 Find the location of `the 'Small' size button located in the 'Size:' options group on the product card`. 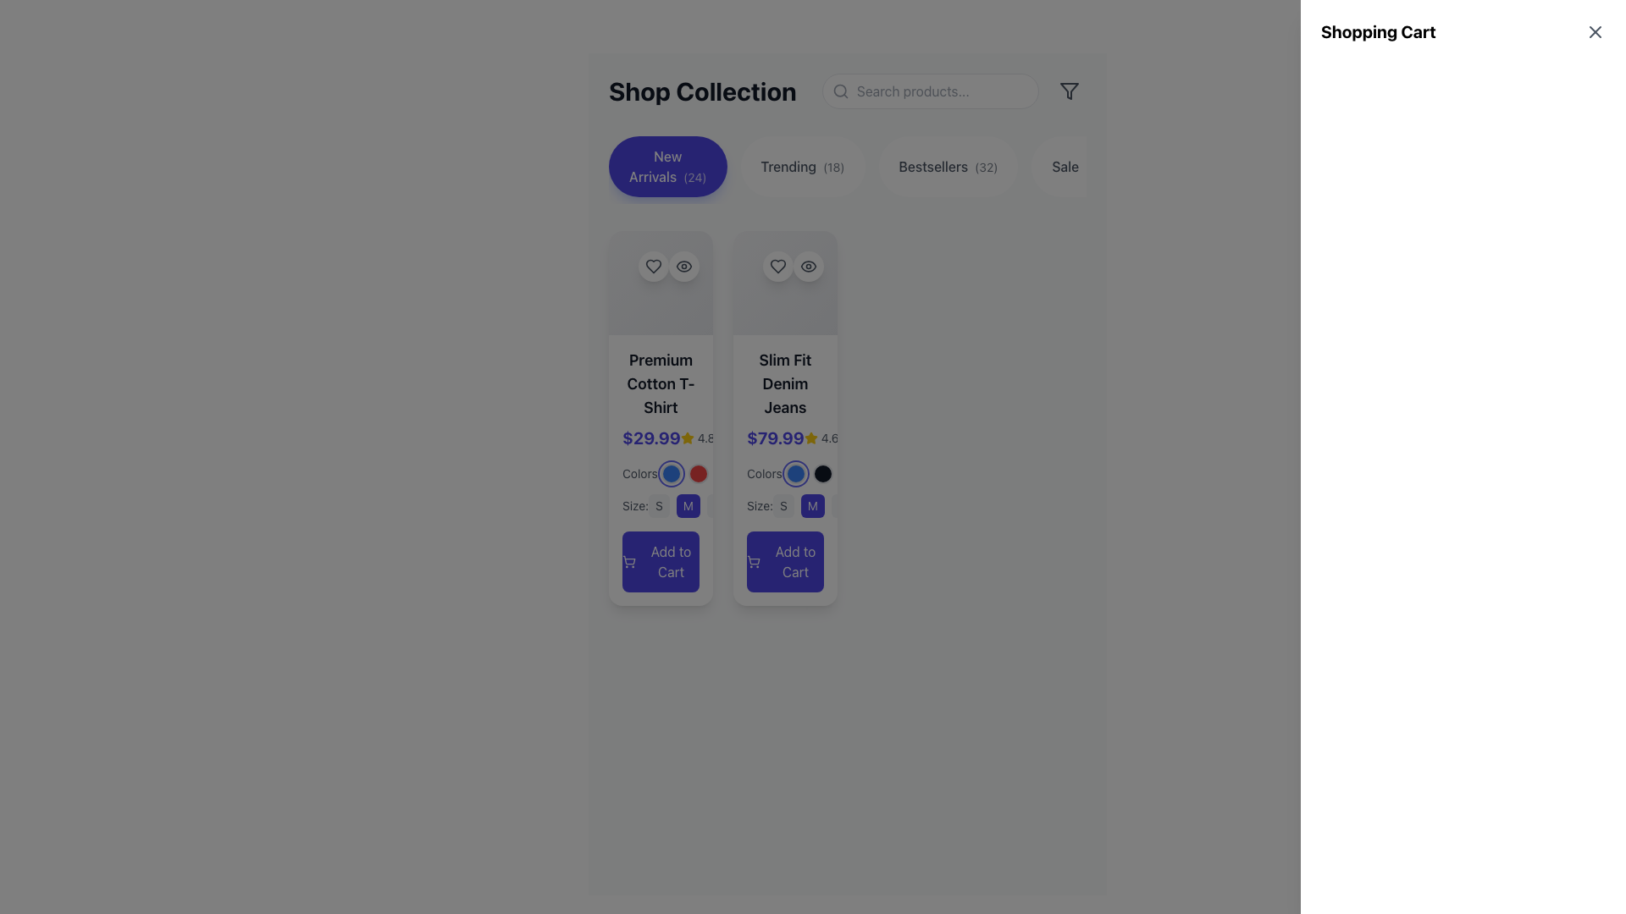

the 'Small' size button located in the 'Size:' options group on the product card is located at coordinates (660, 504).